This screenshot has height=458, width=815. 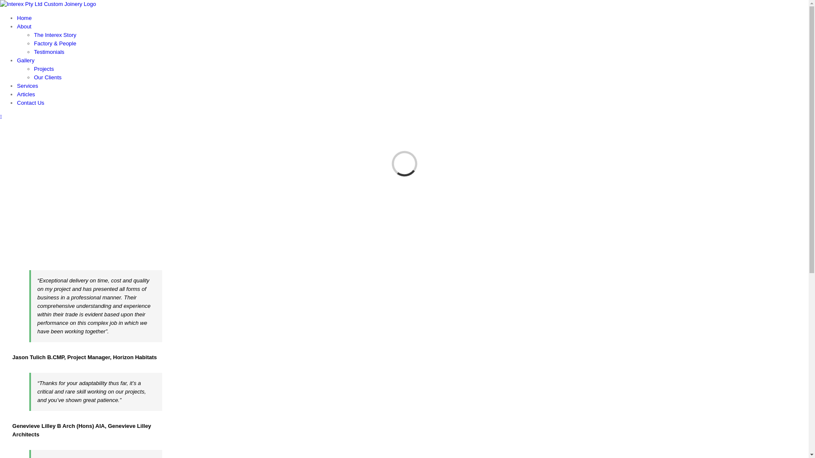 I want to click on 'The Interex Story', so click(x=54, y=34).